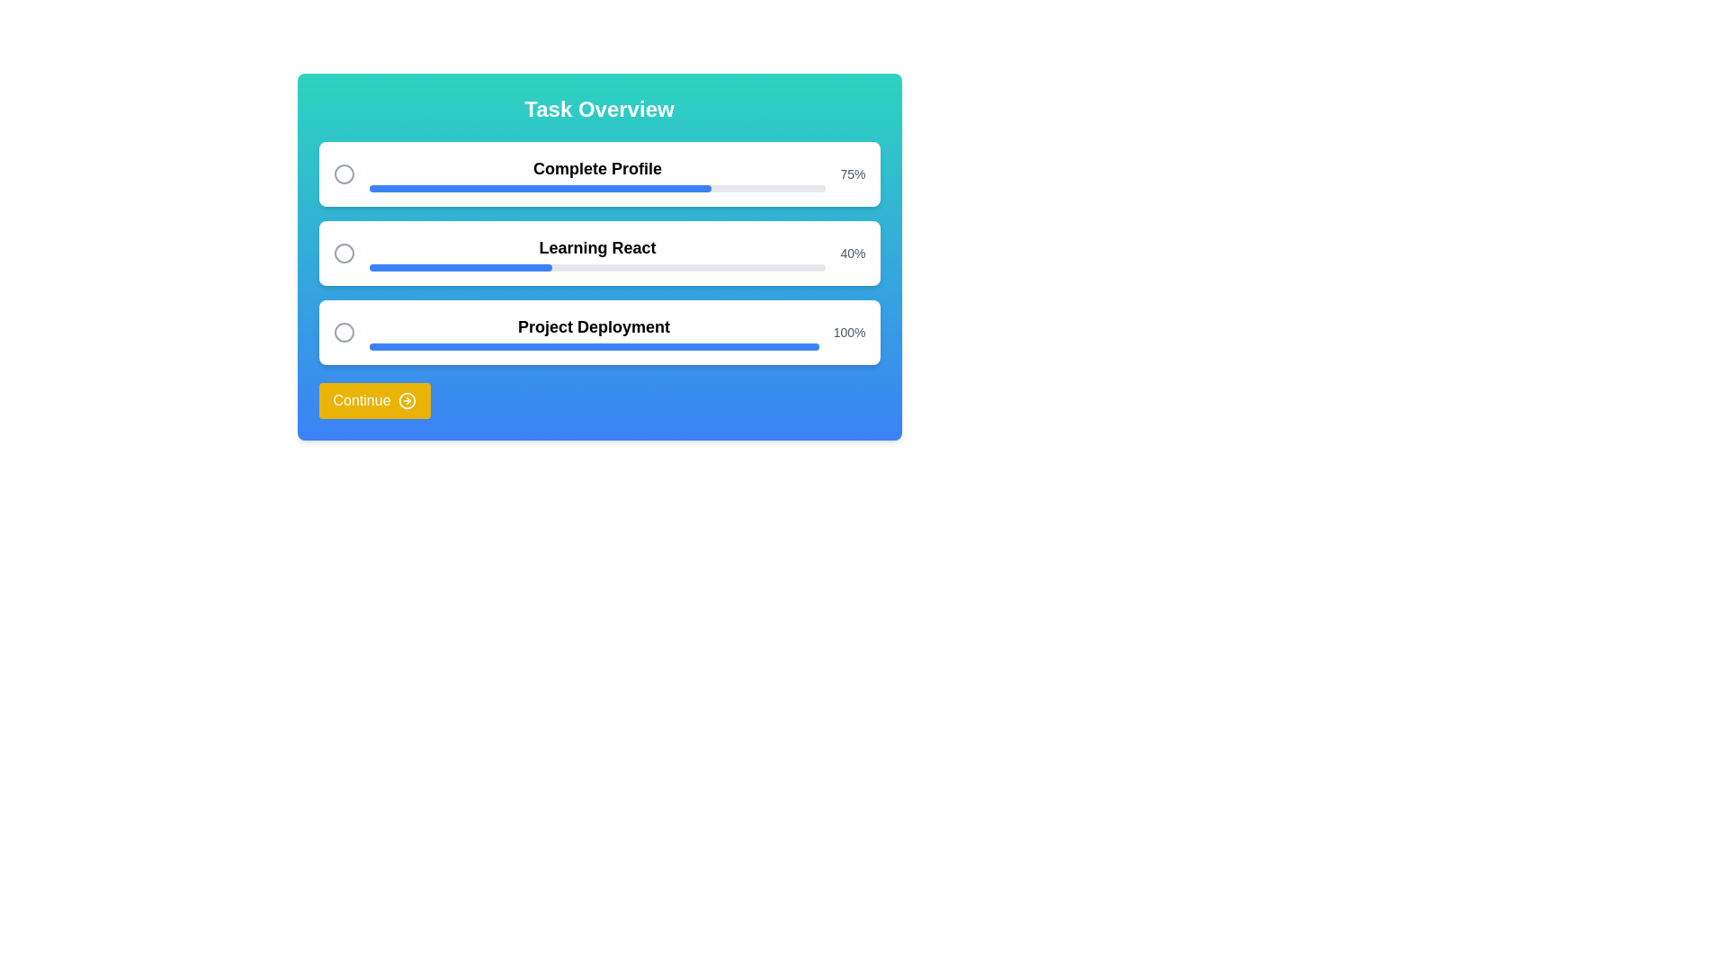  I want to click on the 'Project Deployment' text label, which is the title of the third progress section in a vertical list, positioned above the blue progress bar, so click(594, 326).